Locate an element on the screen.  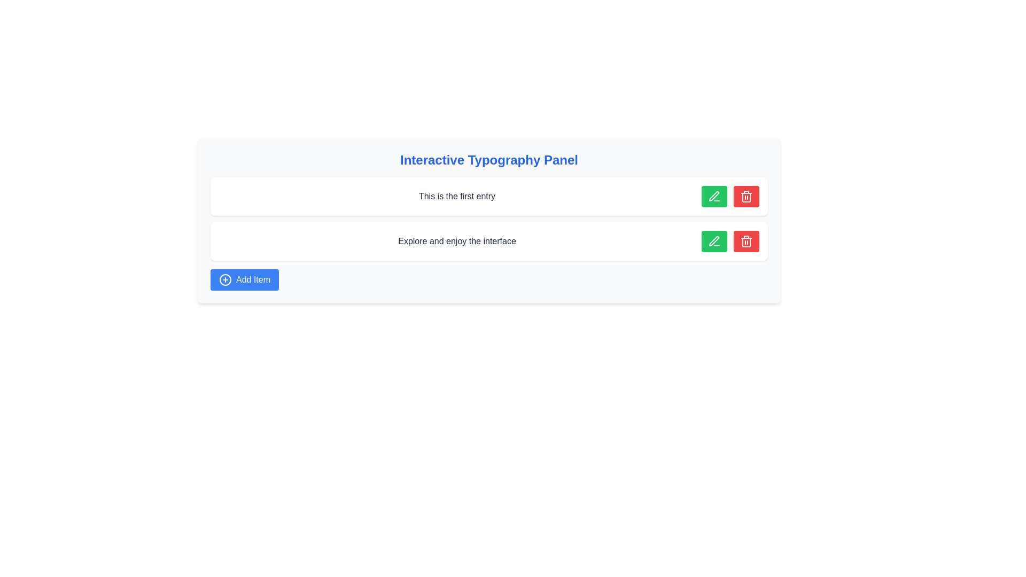
the delete button is located at coordinates (745, 243).